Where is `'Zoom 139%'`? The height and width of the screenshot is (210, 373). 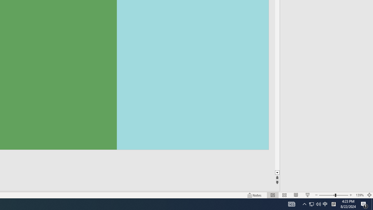
'Zoom 139%' is located at coordinates (359, 195).